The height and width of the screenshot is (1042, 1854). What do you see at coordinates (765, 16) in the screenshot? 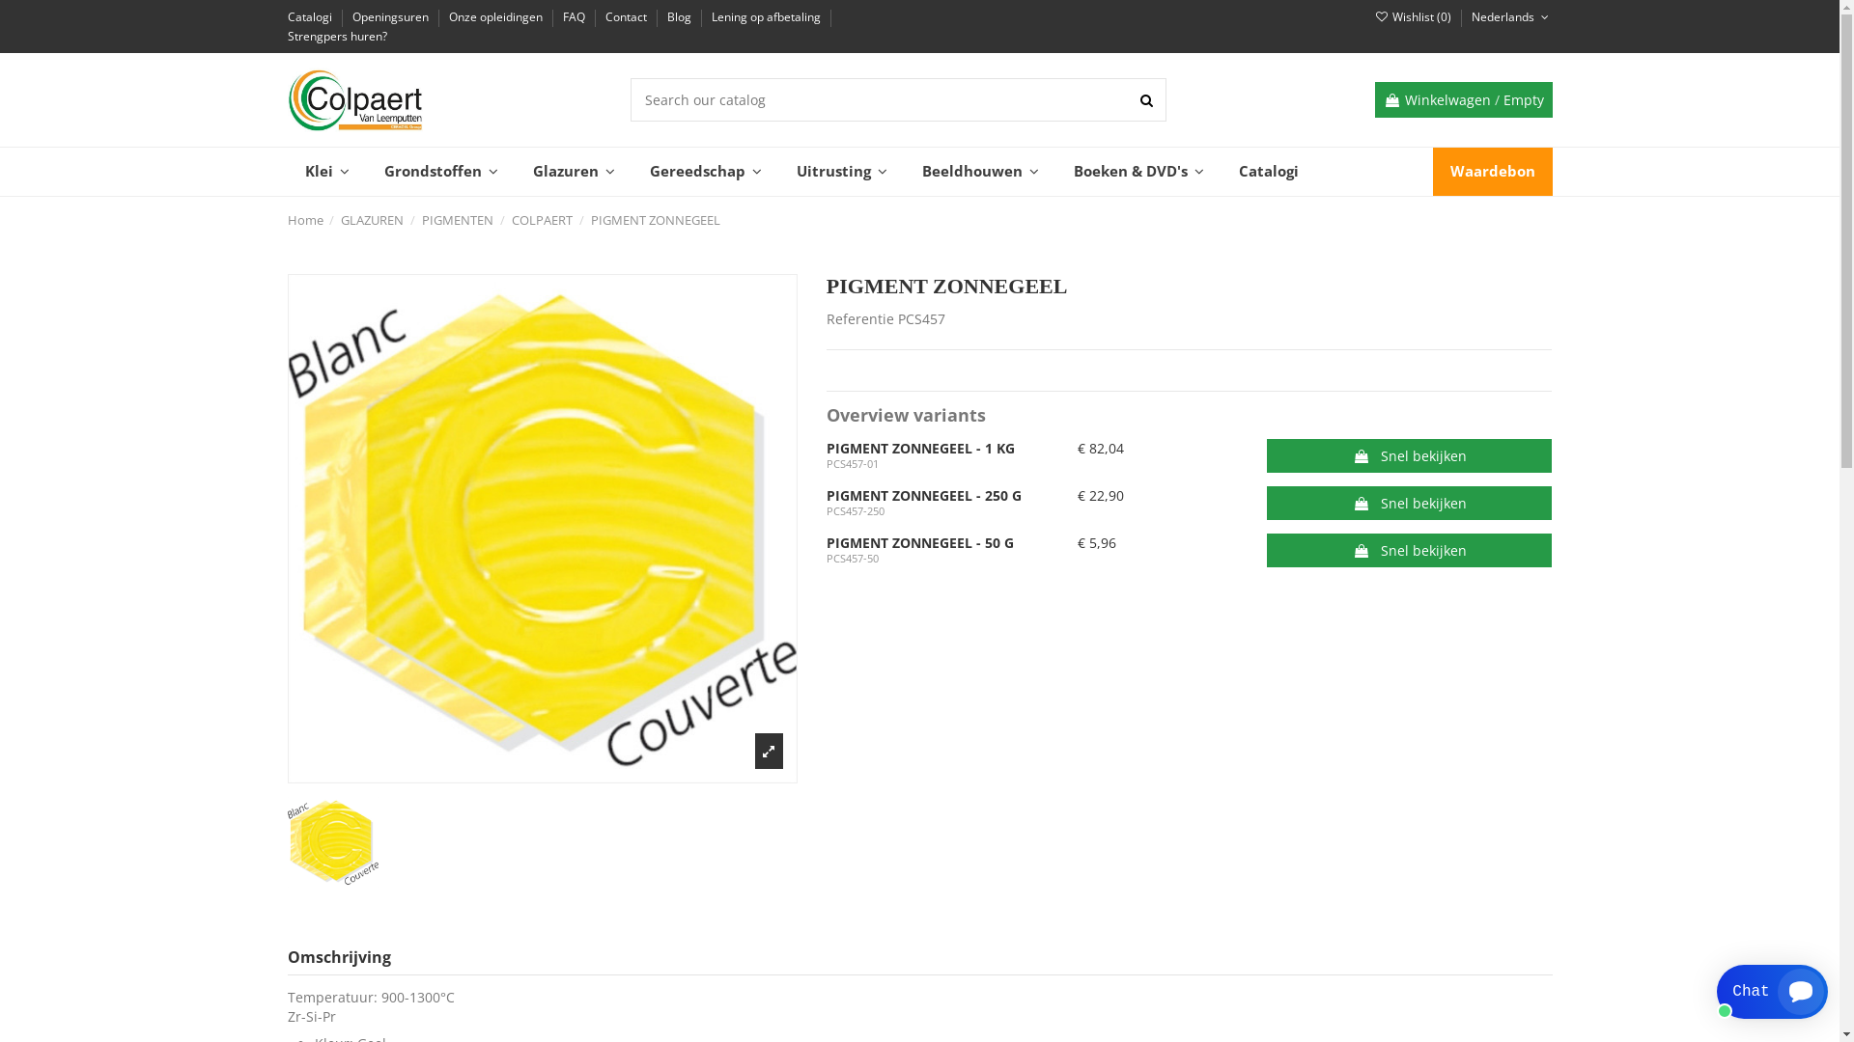
I see `'Lening op afbetaling'` at bounding box center [765, 16].